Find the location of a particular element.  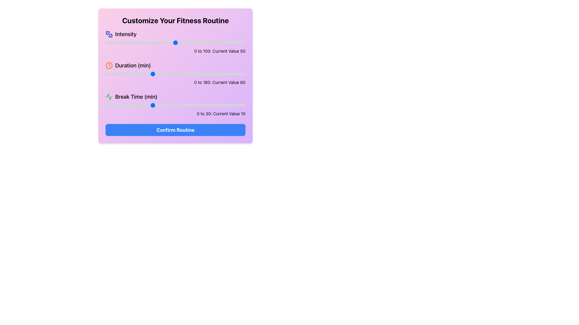

the intensity is located at coordinates (157, 42).